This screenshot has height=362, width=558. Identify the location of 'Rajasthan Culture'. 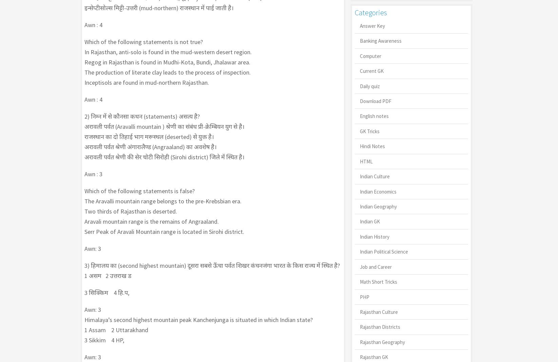
(378, 311).